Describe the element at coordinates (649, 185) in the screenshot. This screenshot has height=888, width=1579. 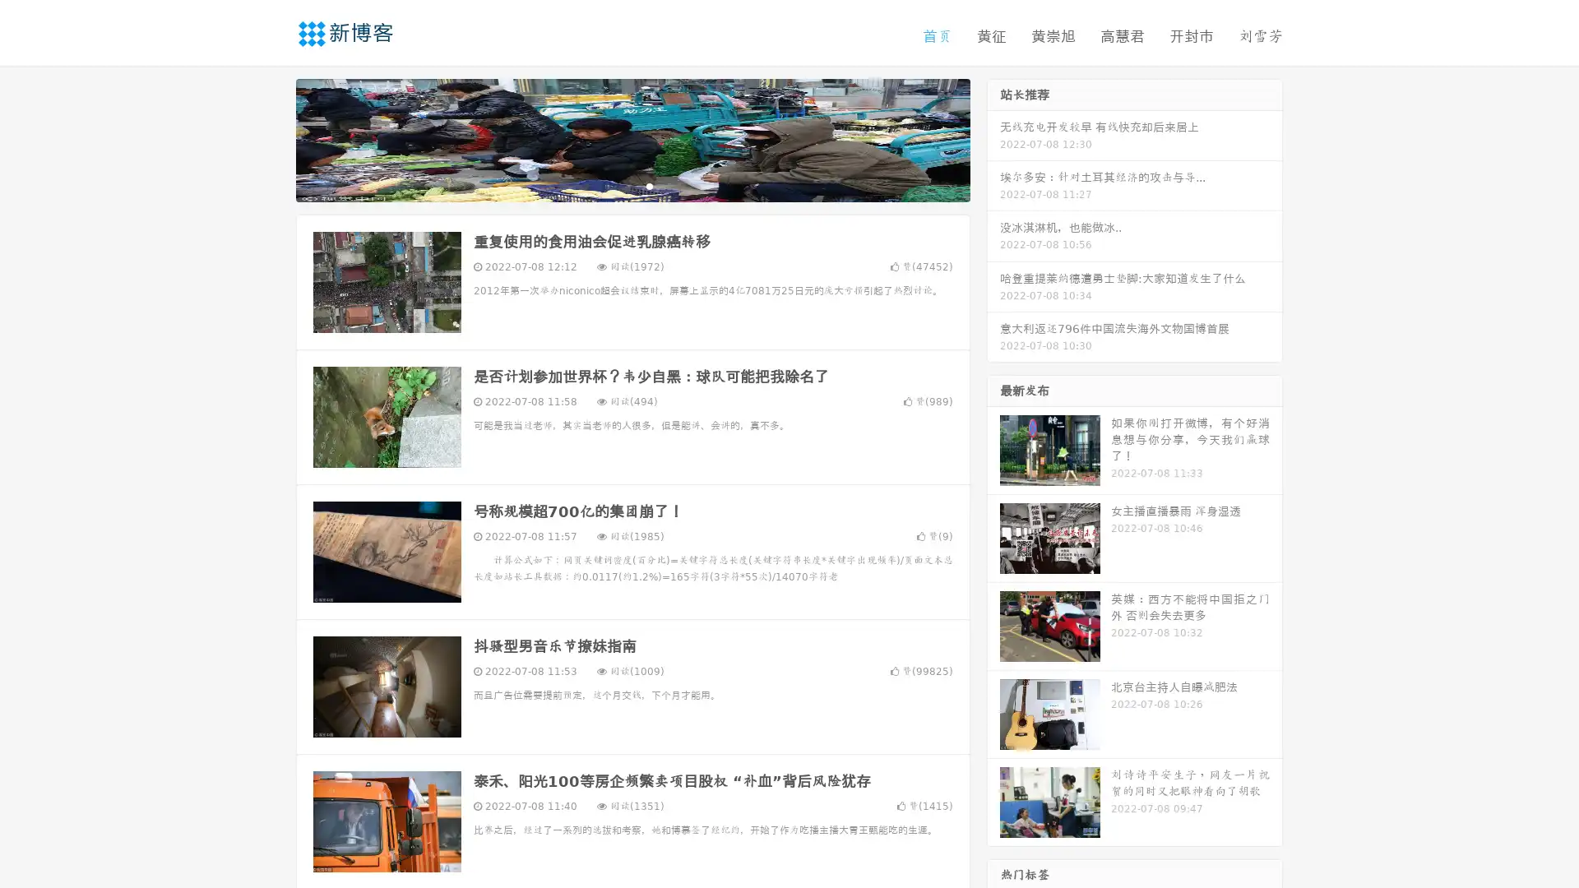
I see `Go to slide 3` at that location.